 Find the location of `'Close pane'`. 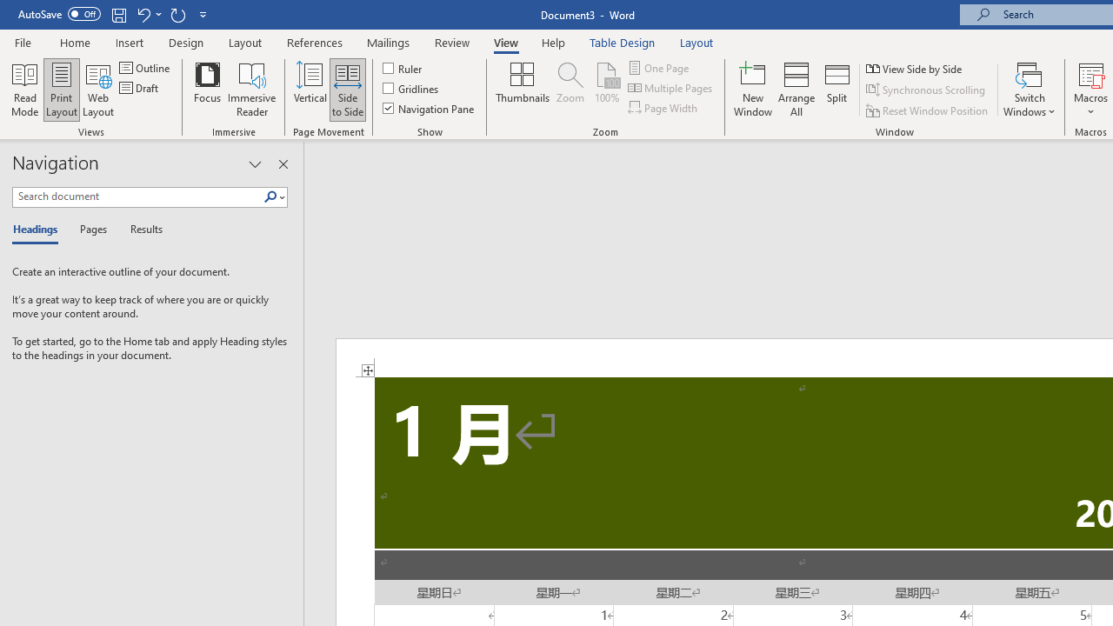

'Close pane' is located at coordinates (283, 164).